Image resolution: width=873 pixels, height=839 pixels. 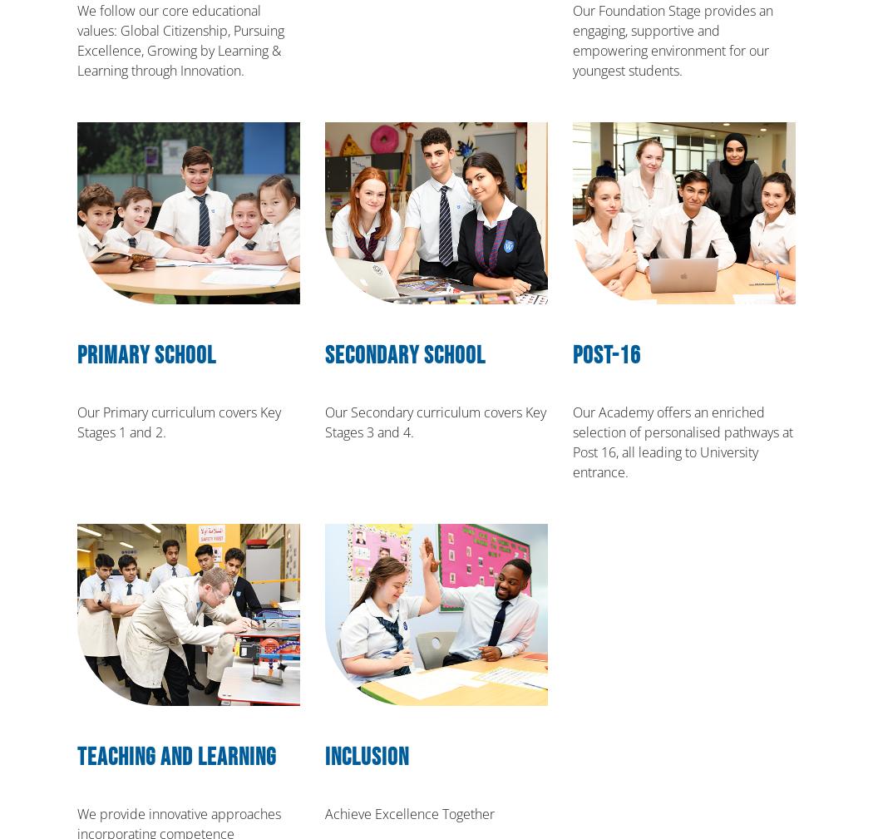 What do you see at coordinates (178, 422) in the screenshot?
I see `'Our Primary curriculum covers Key Stages 1 and 2.'` at bounding box center [178, 422].